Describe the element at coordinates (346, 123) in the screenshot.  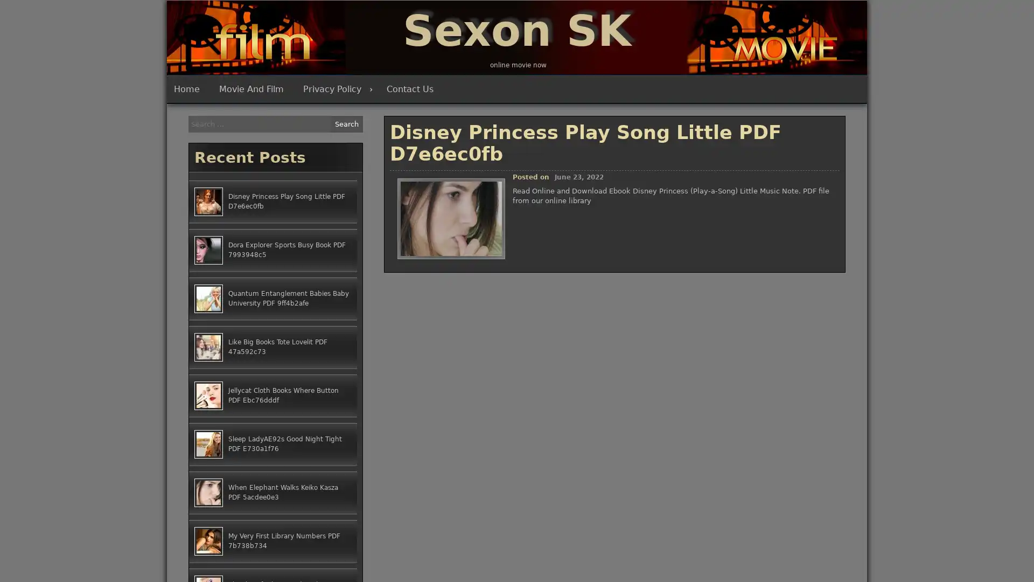
I see `Search` at that location.